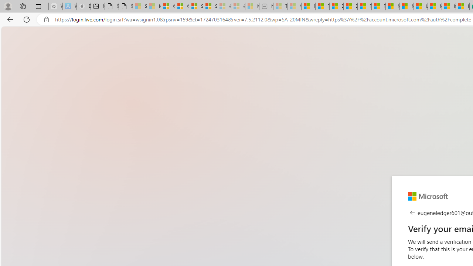 The height and width of the screenshot is (266, 473). I want to click on 'Top Stories - MSN - Sleeping', so click(280, 6).